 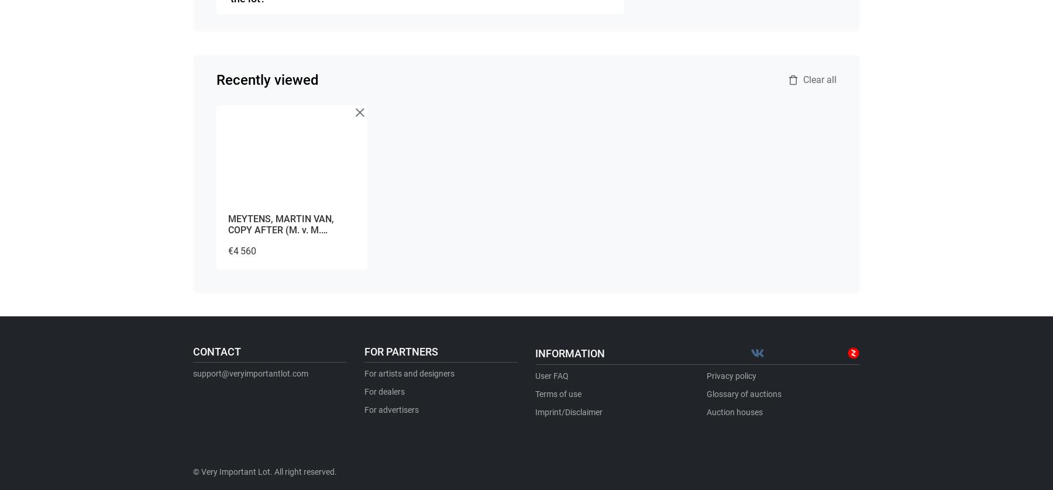 I want to click on 'MEYTENS, MARTIN VAN, COPY AFTER (M. v. M. Stockholm 1695-1770 Vienna)', so click(x=228, y=229).